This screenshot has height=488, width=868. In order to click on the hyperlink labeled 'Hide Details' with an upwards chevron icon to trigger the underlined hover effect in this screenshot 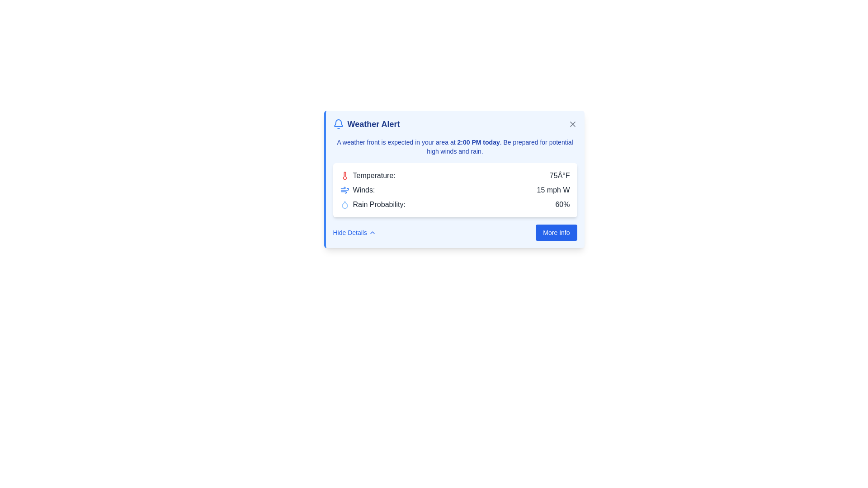, I will do `click(354, 232)`.